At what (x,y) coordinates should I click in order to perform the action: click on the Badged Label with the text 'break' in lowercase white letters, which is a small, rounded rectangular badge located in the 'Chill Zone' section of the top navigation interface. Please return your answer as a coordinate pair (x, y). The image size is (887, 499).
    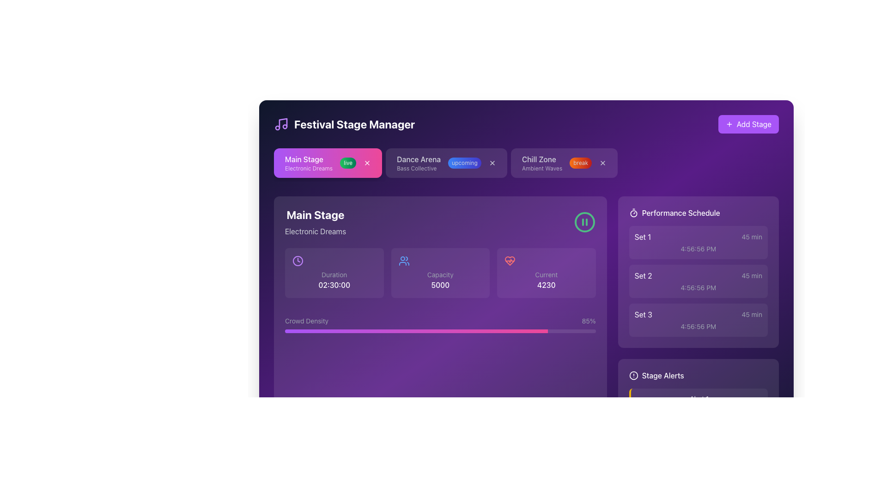
    Looking at the image, I should click on (580, 163).